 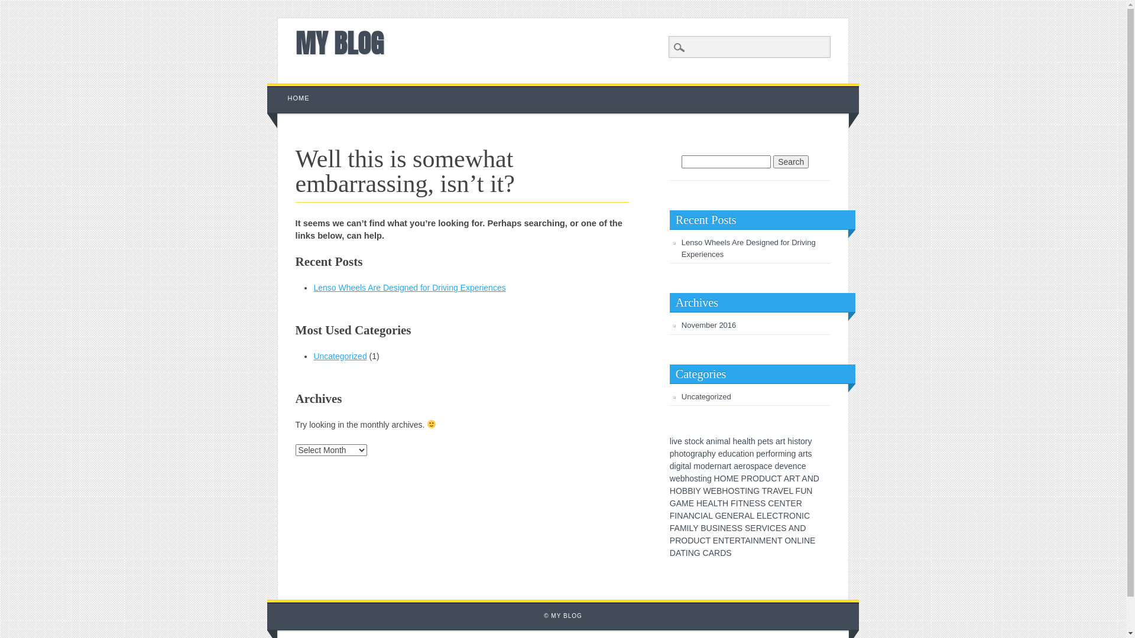 I want to click on 'A', so click(x=774, y=490).